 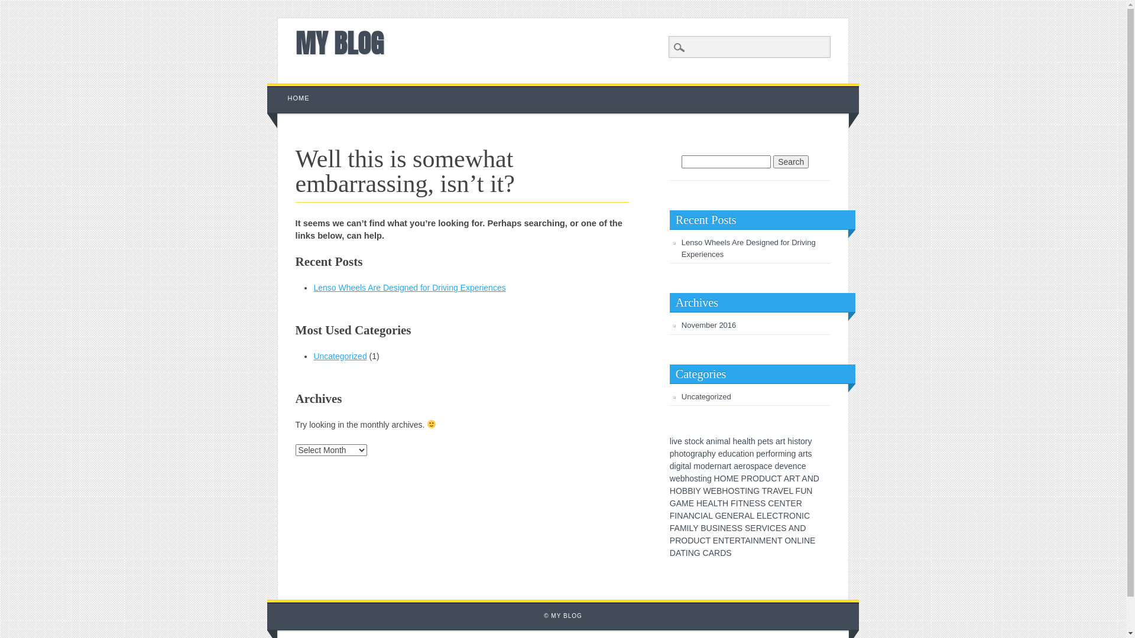 I want to click on 'A', so click(x=774, y=490).